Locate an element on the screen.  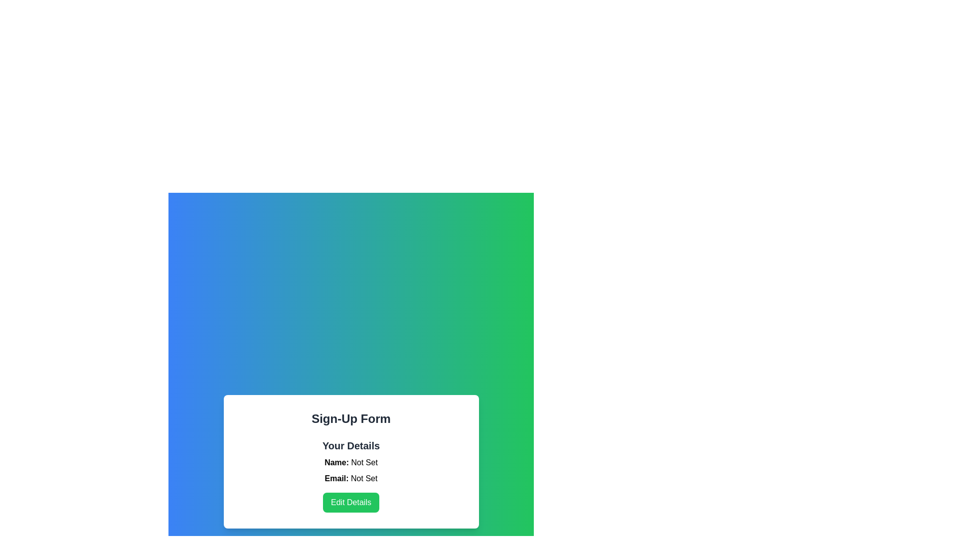
the edit button located below the 'Email: Not Set' text in the 'Your Details' section is located at coordinates (351, 503).